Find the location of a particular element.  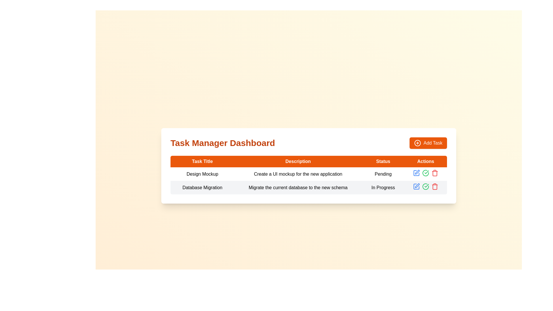

the second row in the task table displaying details for the task titled 'Design Mockup' is located at coordinates (308, 187).